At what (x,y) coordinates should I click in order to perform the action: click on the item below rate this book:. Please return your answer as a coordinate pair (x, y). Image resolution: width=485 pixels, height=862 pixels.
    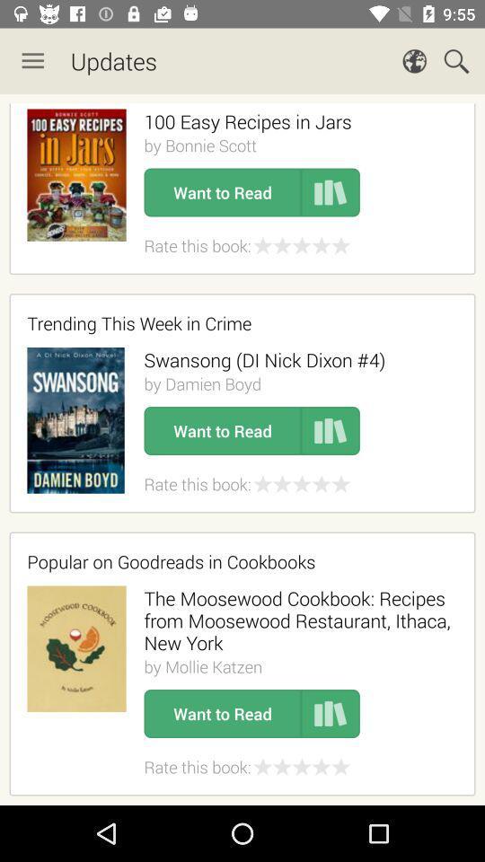
    Looking at the image, I should click on (236, 560).